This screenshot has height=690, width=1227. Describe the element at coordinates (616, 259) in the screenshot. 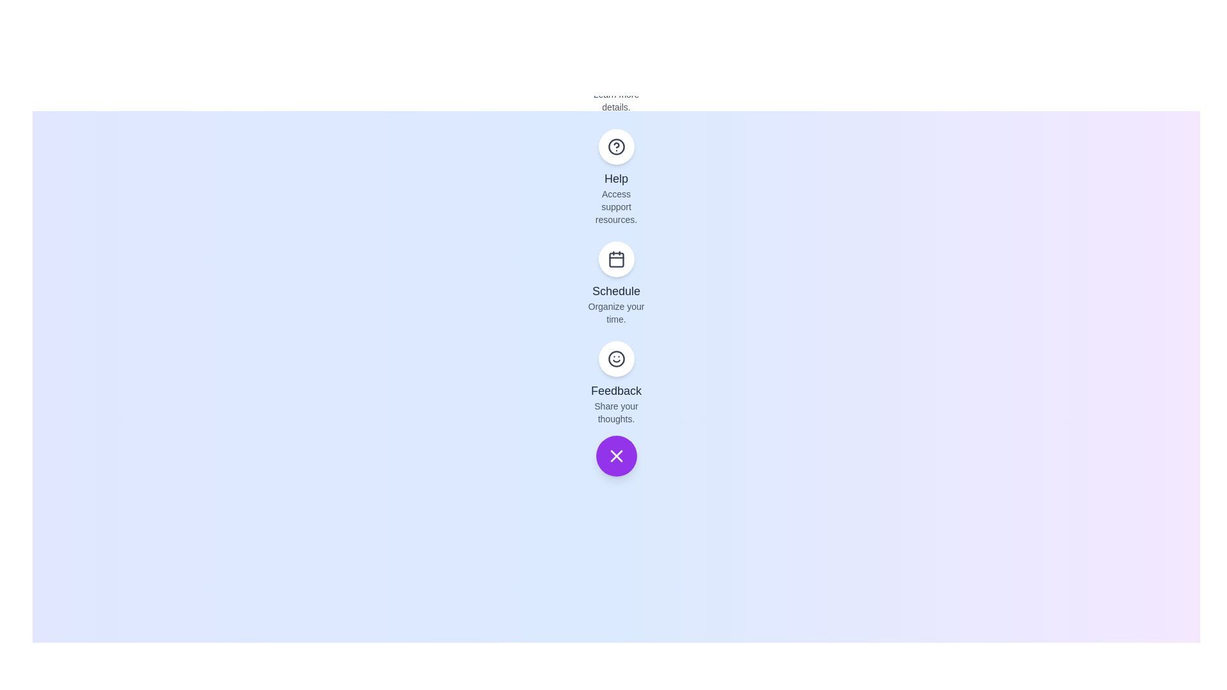

I see `the 'Schedule' button to organize your time` at that location.